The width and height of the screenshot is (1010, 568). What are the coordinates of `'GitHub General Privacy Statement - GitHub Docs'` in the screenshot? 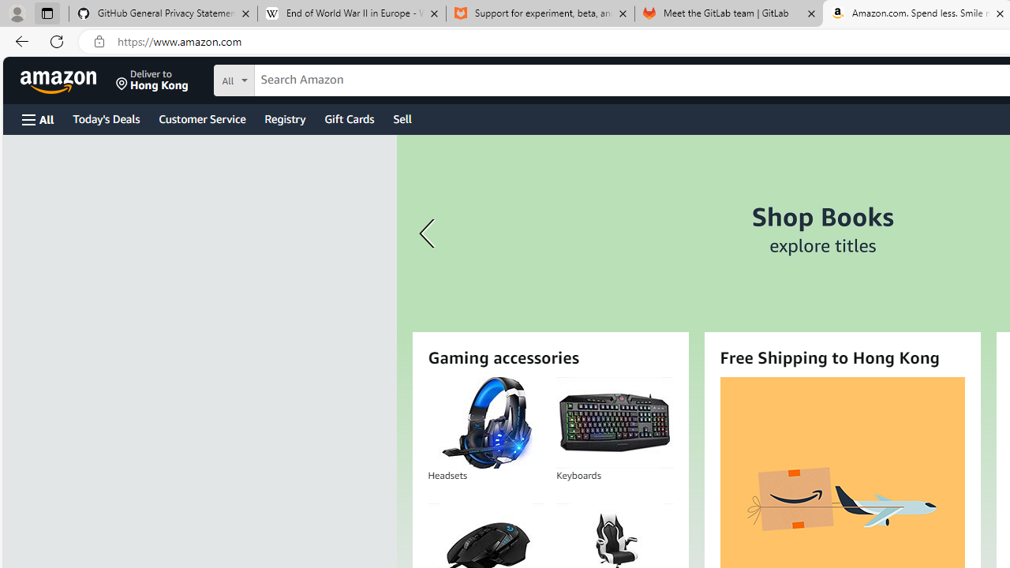 It's located at (163, 13).